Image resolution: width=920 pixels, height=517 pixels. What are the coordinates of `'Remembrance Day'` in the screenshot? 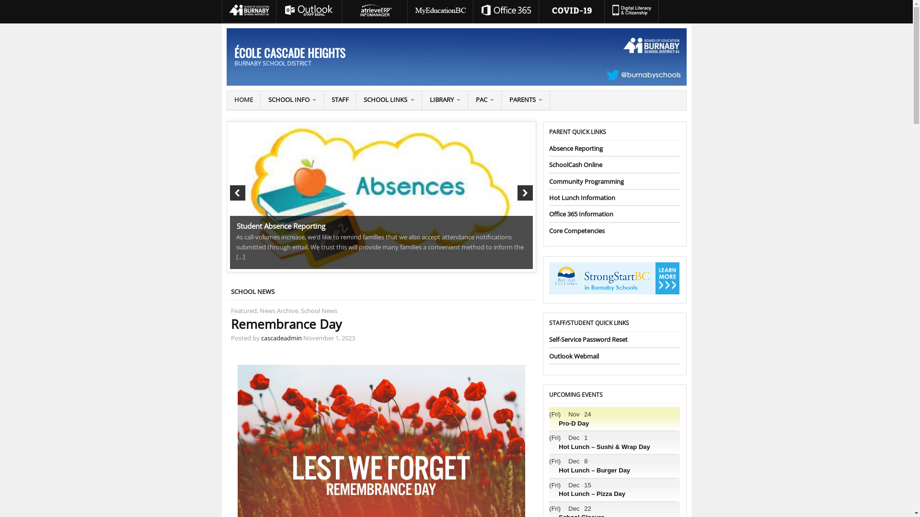 It's located at (286, 324).